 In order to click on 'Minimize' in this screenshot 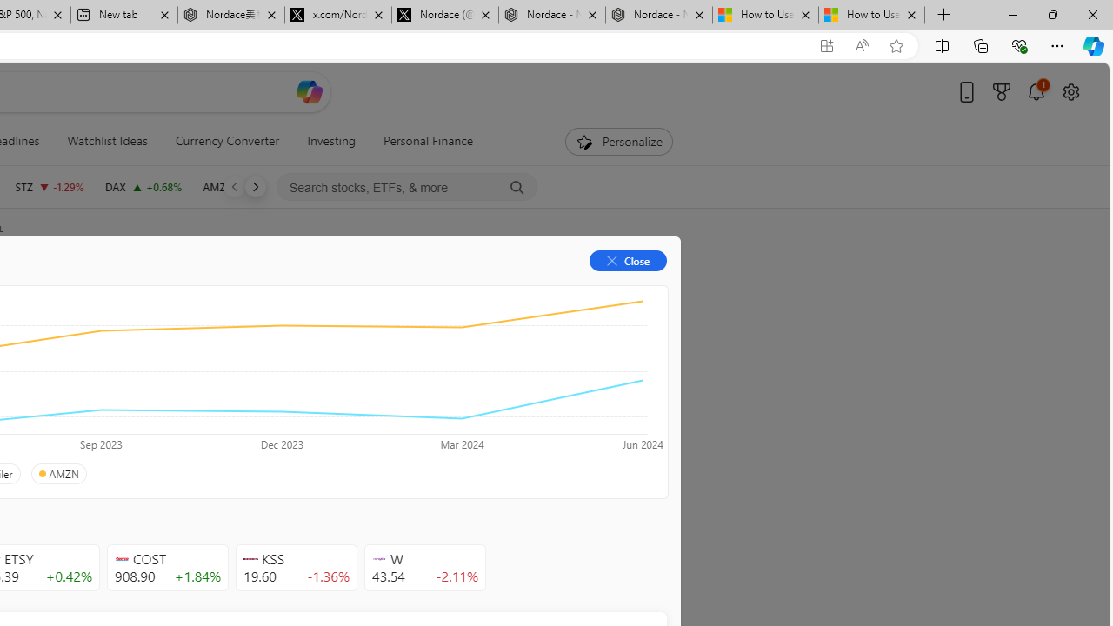, I will do `click(1012, 14)`.